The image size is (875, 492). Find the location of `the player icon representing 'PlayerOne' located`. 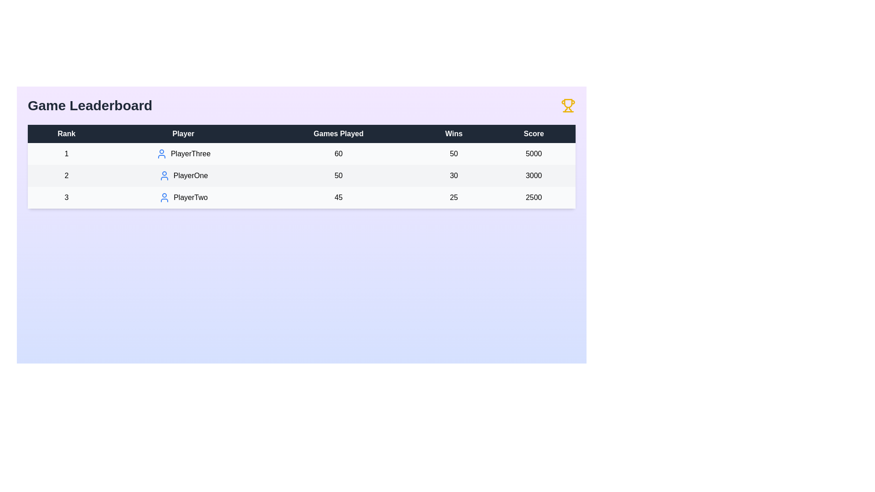

the player icon representing 'PlayerOne' located is located at coordinates (164, 175).